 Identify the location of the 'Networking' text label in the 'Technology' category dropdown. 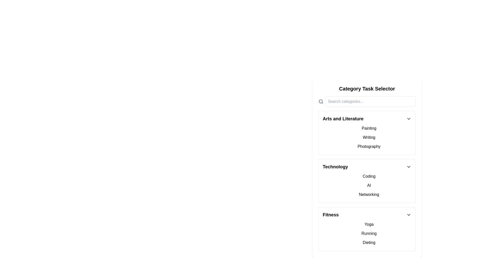
(369, 194).